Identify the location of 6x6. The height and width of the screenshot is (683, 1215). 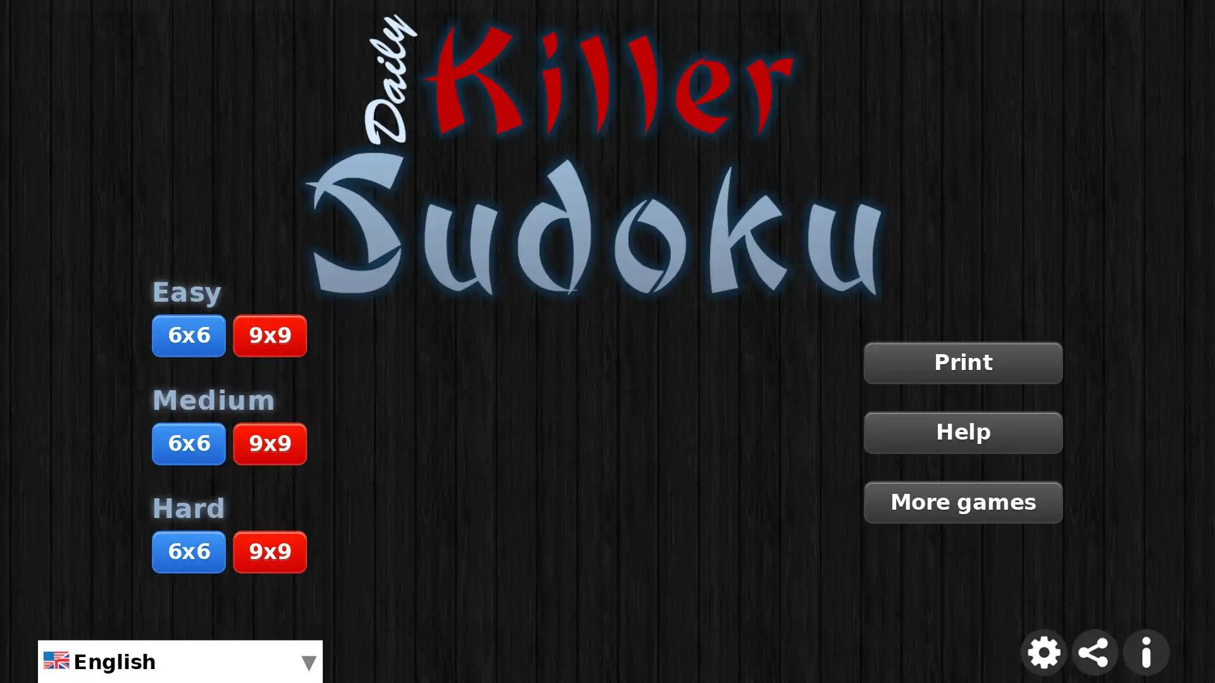
(188, 551).